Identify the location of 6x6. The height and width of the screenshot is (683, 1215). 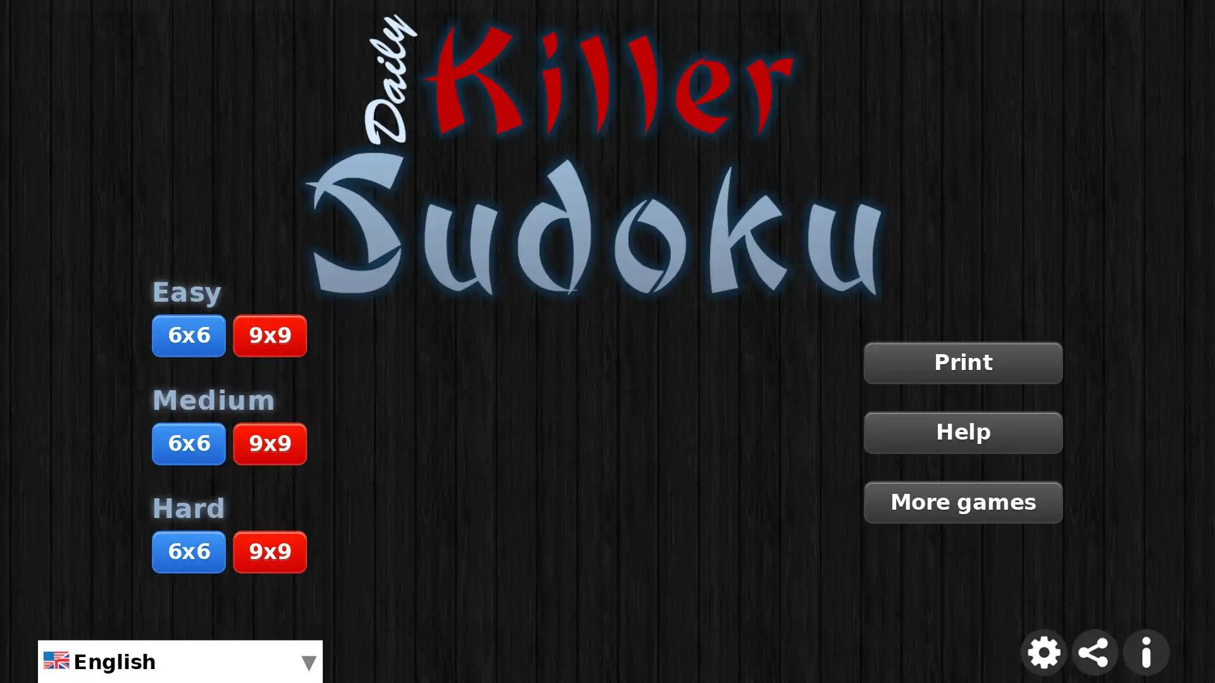
(188, 551).